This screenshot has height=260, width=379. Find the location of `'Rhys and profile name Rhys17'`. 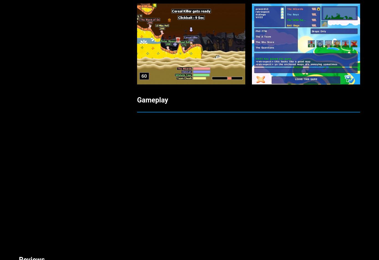

'Rhys and profile name Rhys17' is located at coordinates (48, 173).